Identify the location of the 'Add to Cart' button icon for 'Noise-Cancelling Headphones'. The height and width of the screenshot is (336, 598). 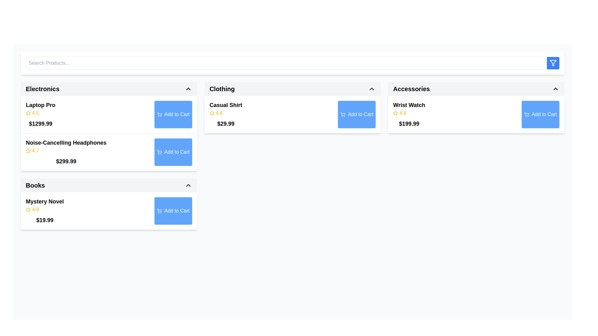
(159, 152).